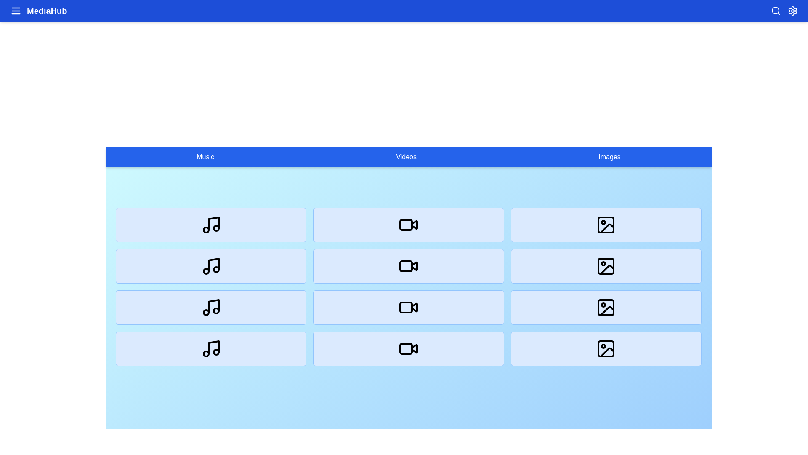 The height and width of the screenshot is (455, 808). Describe the element at coordinates (205, 157) in the screenshot. I see `the media type Music from the navigation bar` at that location.